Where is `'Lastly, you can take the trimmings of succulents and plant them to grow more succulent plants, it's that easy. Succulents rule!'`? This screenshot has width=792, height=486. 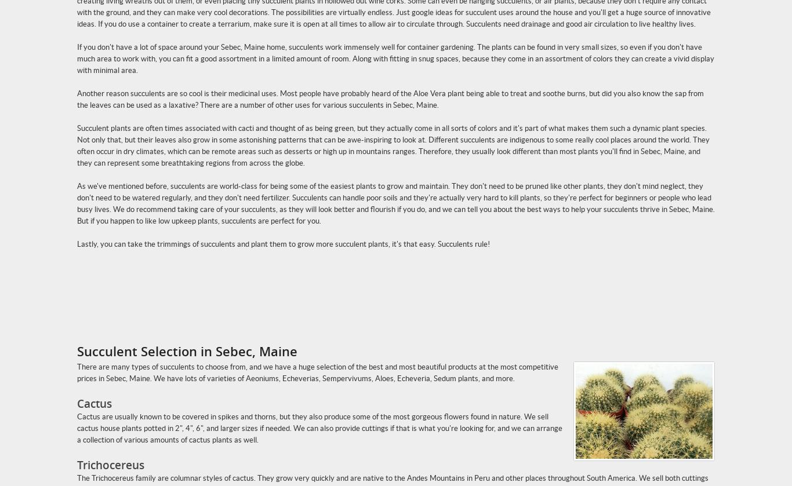
'Lastly, you can take the trimmings of succulents and plant them to grow more succulent plants, it's that easy. Succulents rule!' is located at coordinates (77, 243).